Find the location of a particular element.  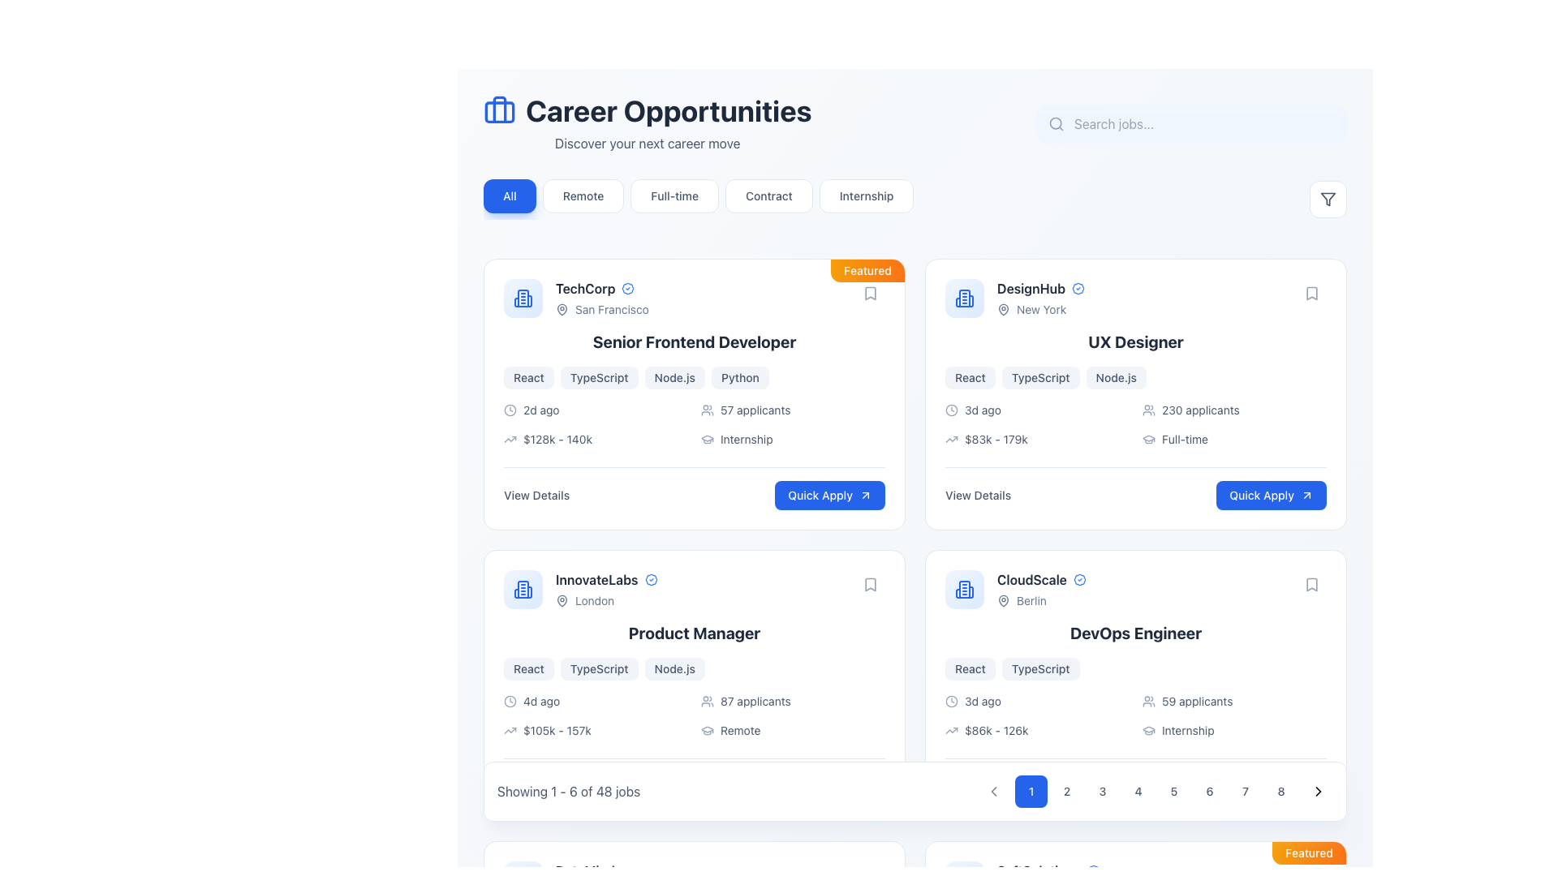

the bookmark icon button located in the header of the job card for 'DevOps Engineer' at 'CloudScale Berlin' is located at coordinates (1312, 585).